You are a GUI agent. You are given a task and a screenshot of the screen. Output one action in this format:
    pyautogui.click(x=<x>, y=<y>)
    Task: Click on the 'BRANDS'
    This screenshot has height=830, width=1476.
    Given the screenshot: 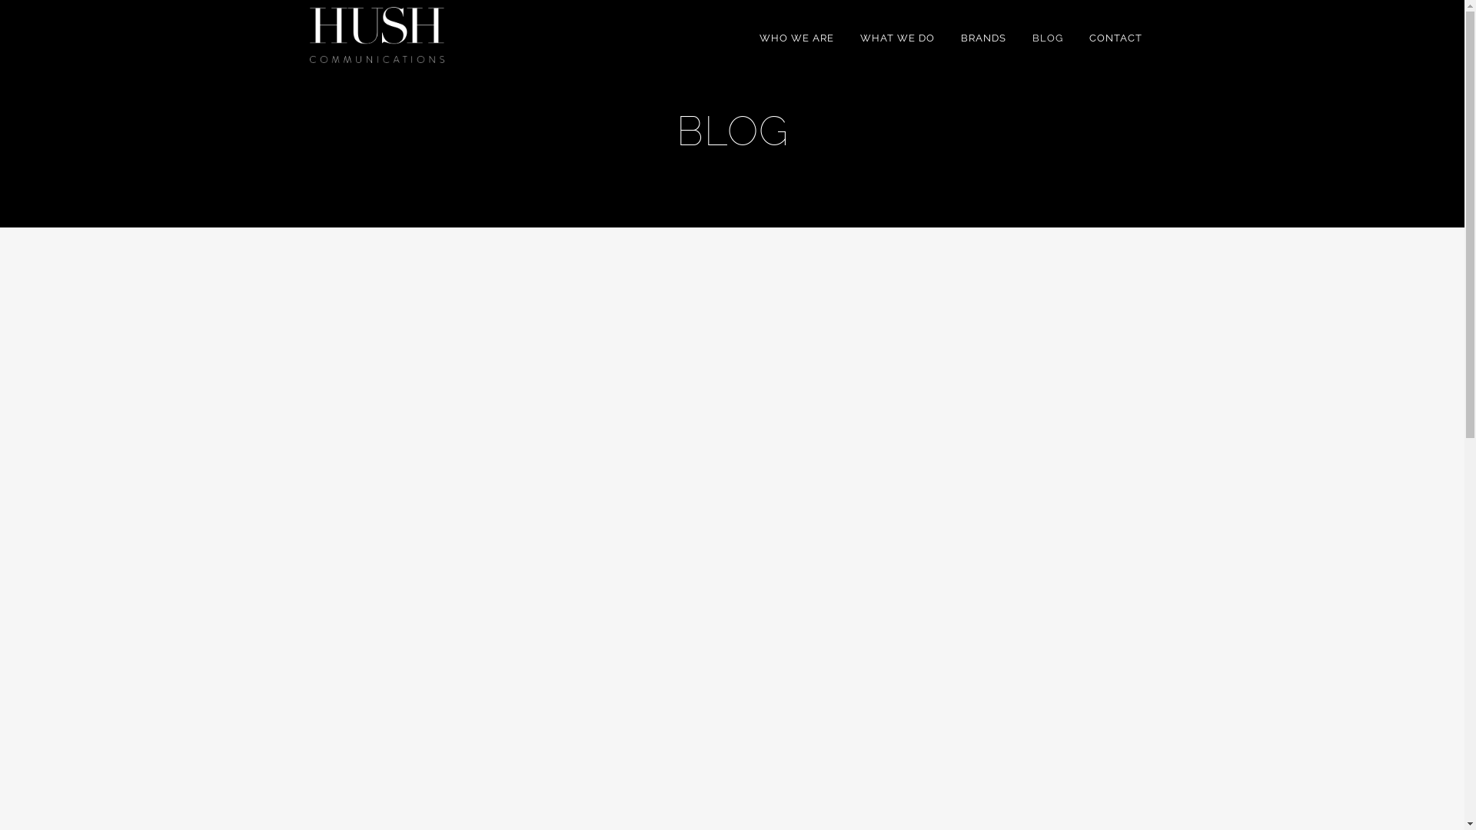 What is the action you would take?
    pyautogui.click(x=982, y=38)
    